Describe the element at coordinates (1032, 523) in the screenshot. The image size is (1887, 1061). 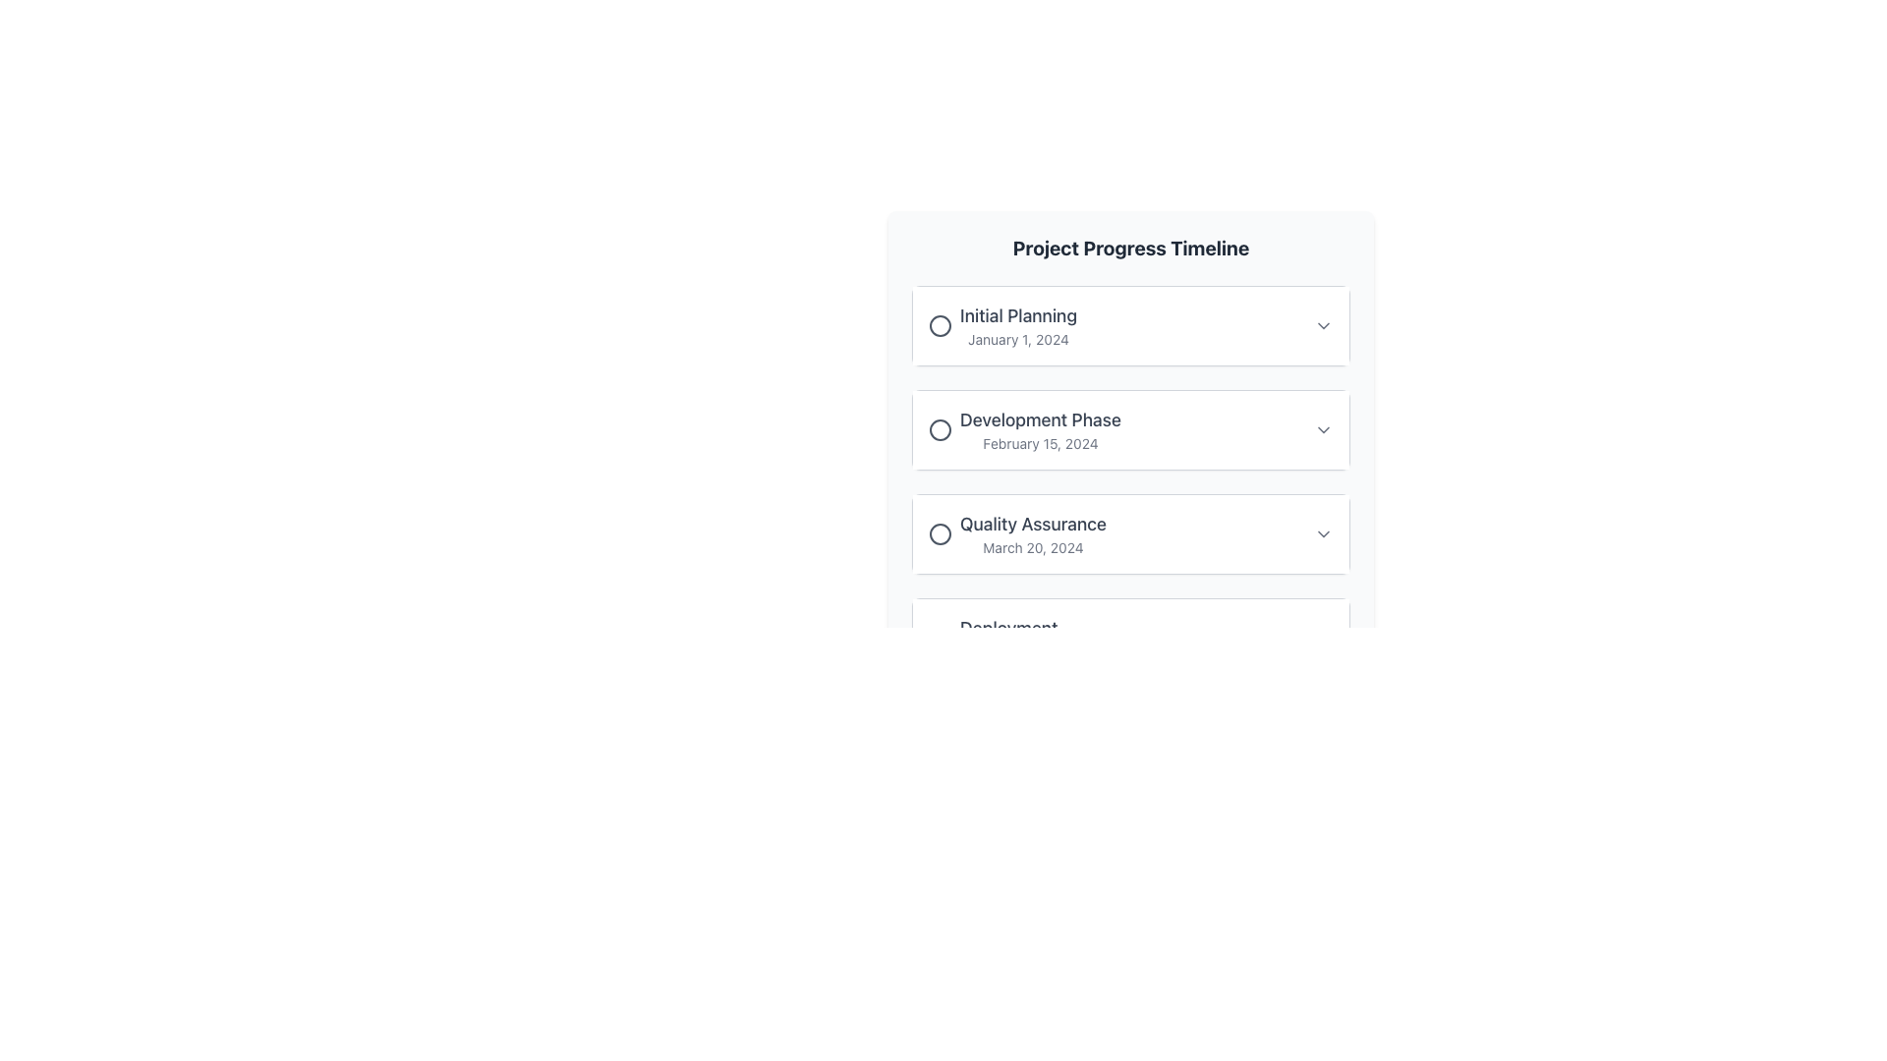
I see `the 'Quality Assurance' text label, which is part of the third list item in the 'Project Progress Timeline', located between 'Development Phase' and 'Deployment'` at that location.